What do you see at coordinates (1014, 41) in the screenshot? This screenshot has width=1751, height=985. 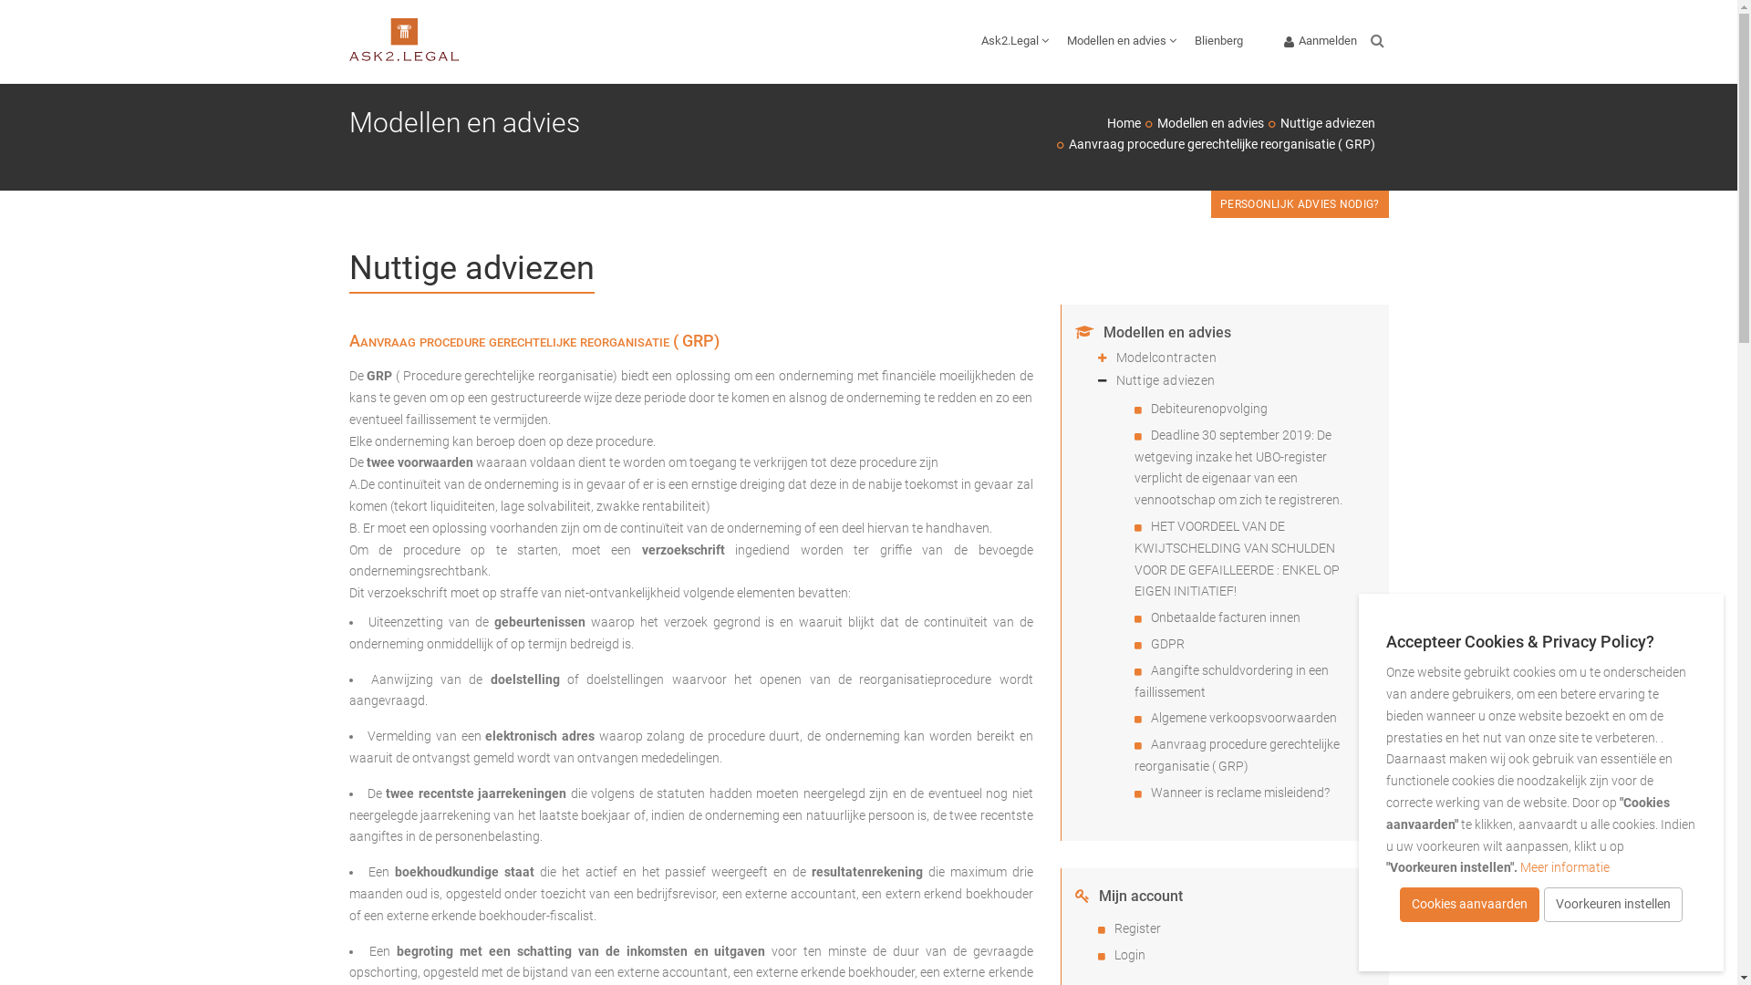 I see `'Ask2.Legal'` at bounding box center [1014, 41].